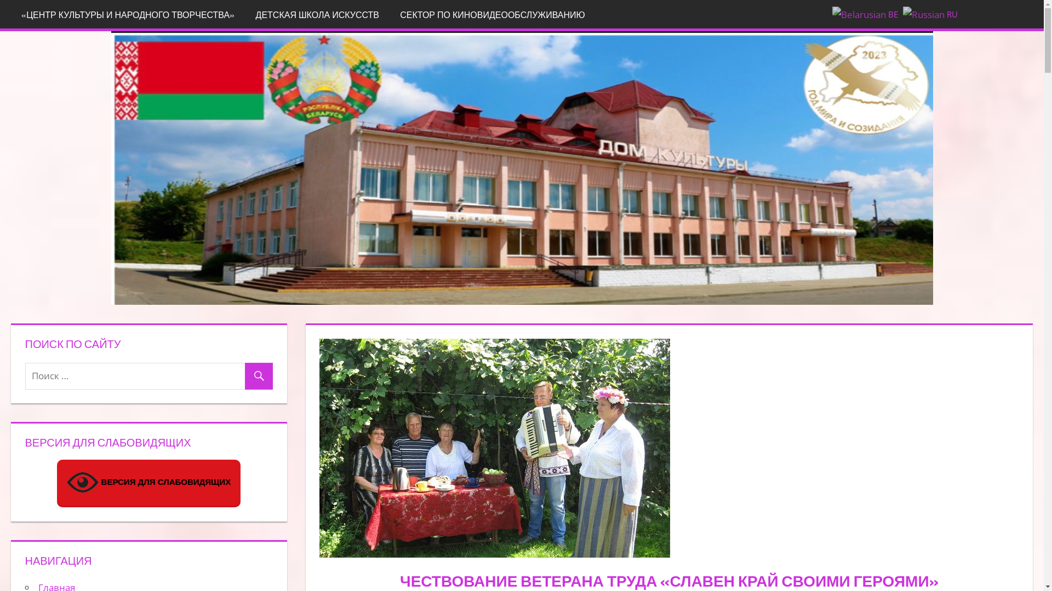  What do you see at coordinates (902, 13) in the screenshot?
I see `'RU'` at bounding box center [902, 13].